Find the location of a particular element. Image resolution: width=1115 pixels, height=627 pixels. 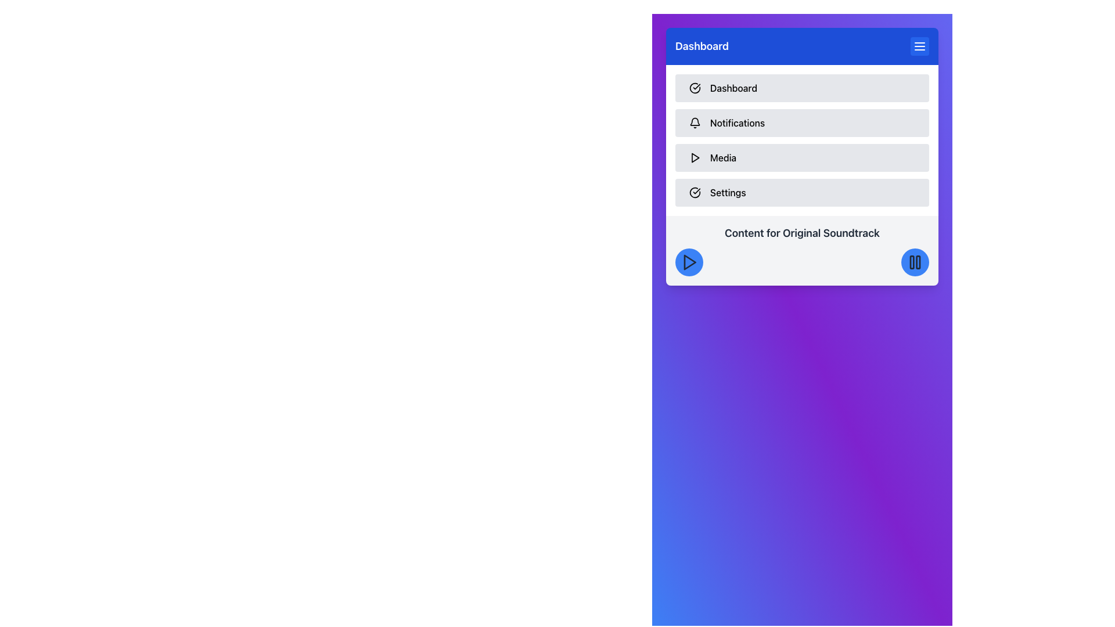

the circular blue button with a pause icon is located at coordinates (914, 262).